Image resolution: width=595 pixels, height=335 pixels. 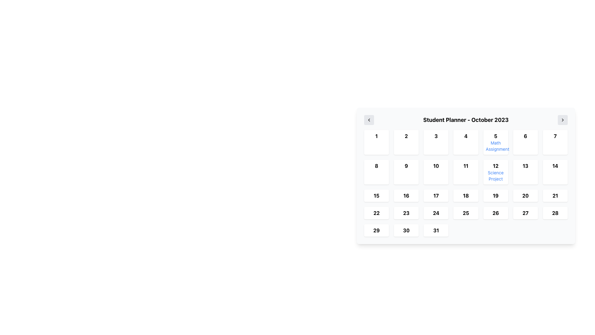 I want to click on the Calendar date box representing the 10th day of October 2023 in the 'Student Planner' interface, so click(x=436, y=172).